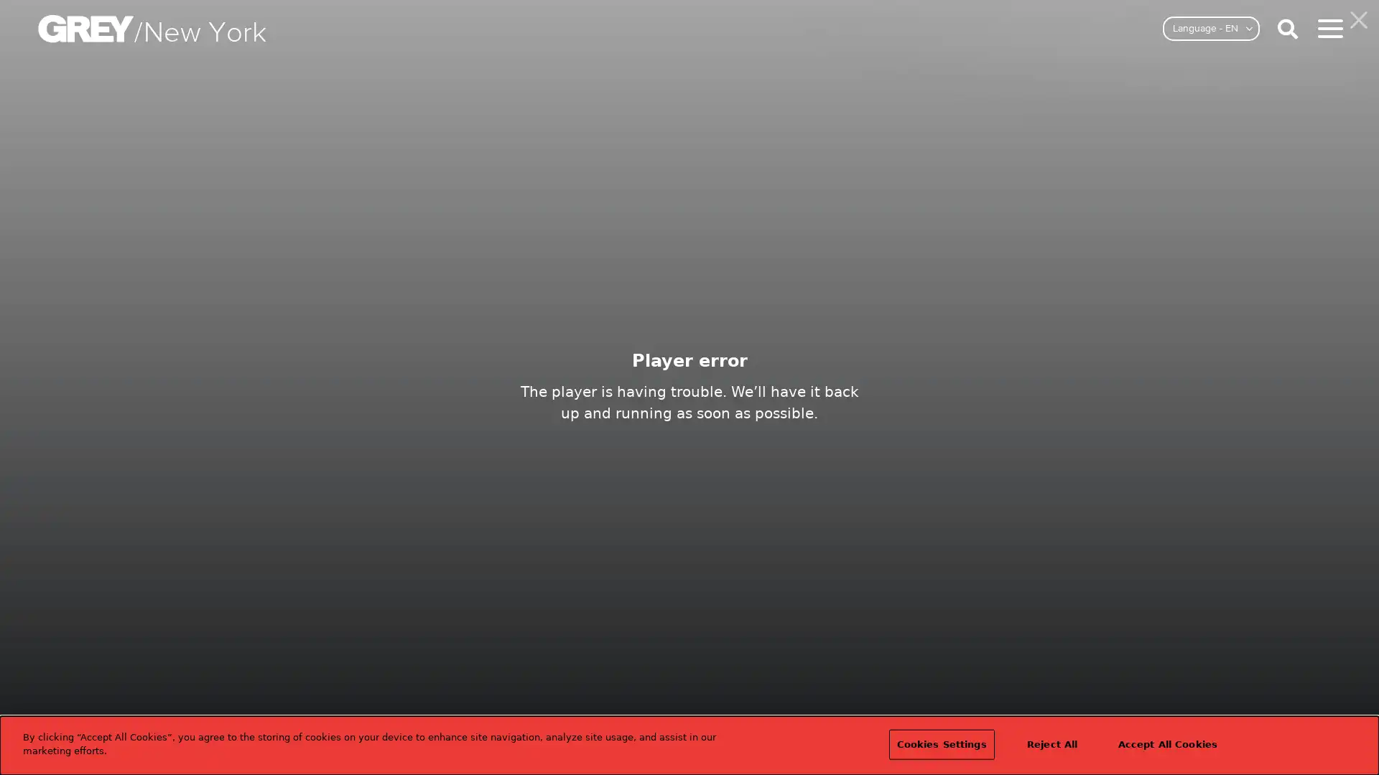 This screenshot has width=1379, height=775. I want to click on Accept All Cookies, so click(1167, 743).